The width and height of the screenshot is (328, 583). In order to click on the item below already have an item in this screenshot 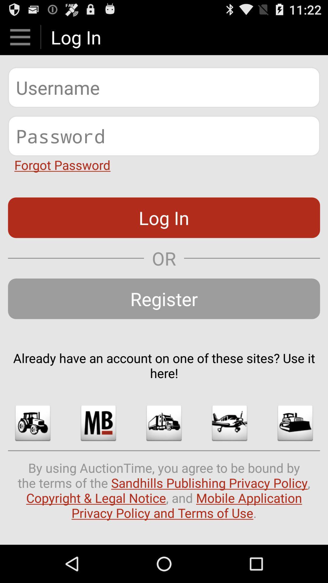, I will do `click(164, 423)`.